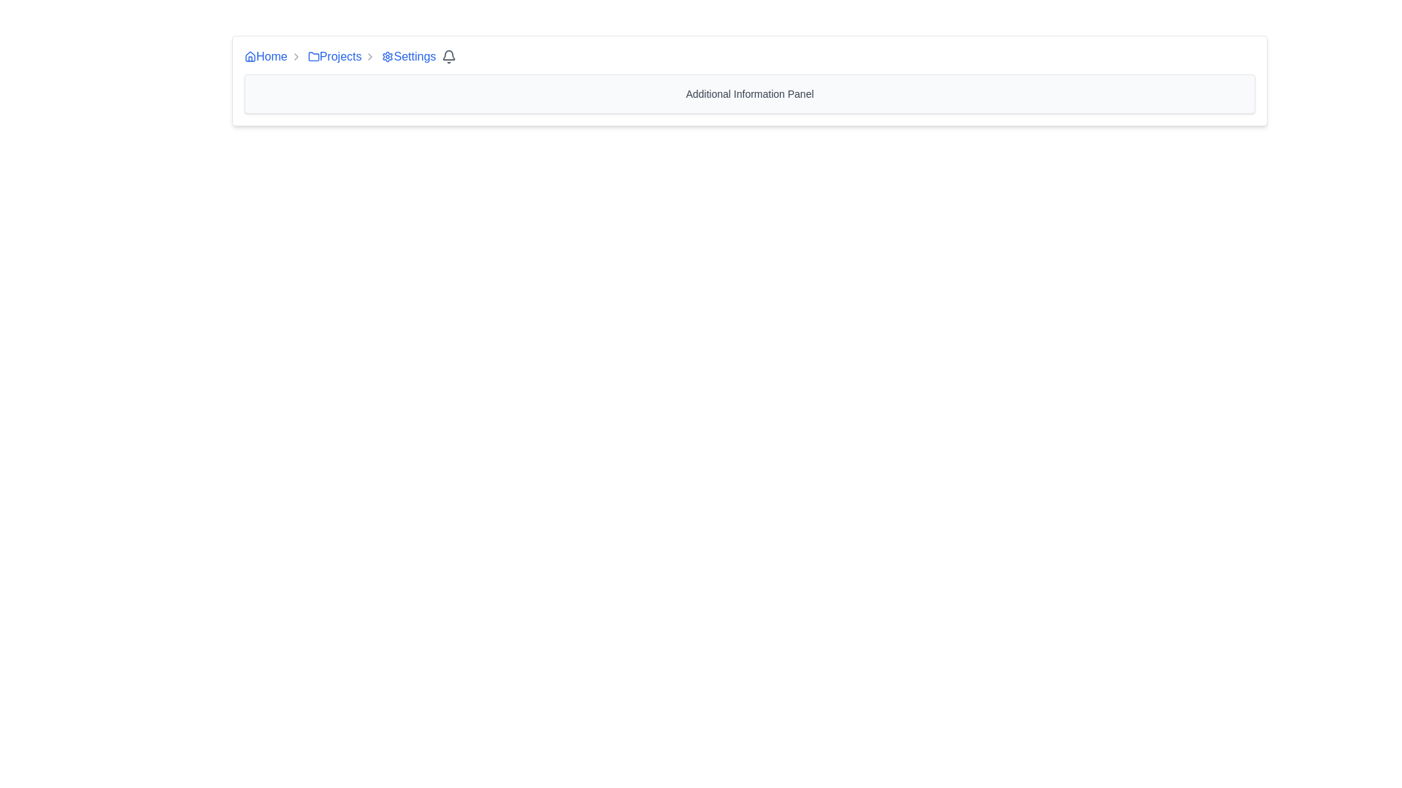 The height and width of the screenshot is (788, 1402). What do you see at coordinates (341, 55) in the screenshot?
I see `the icons associated with the interactive text link for the 'Projects' section, located in the second position of the breadcrumb navigation bar` at bounding box center [341, 55].